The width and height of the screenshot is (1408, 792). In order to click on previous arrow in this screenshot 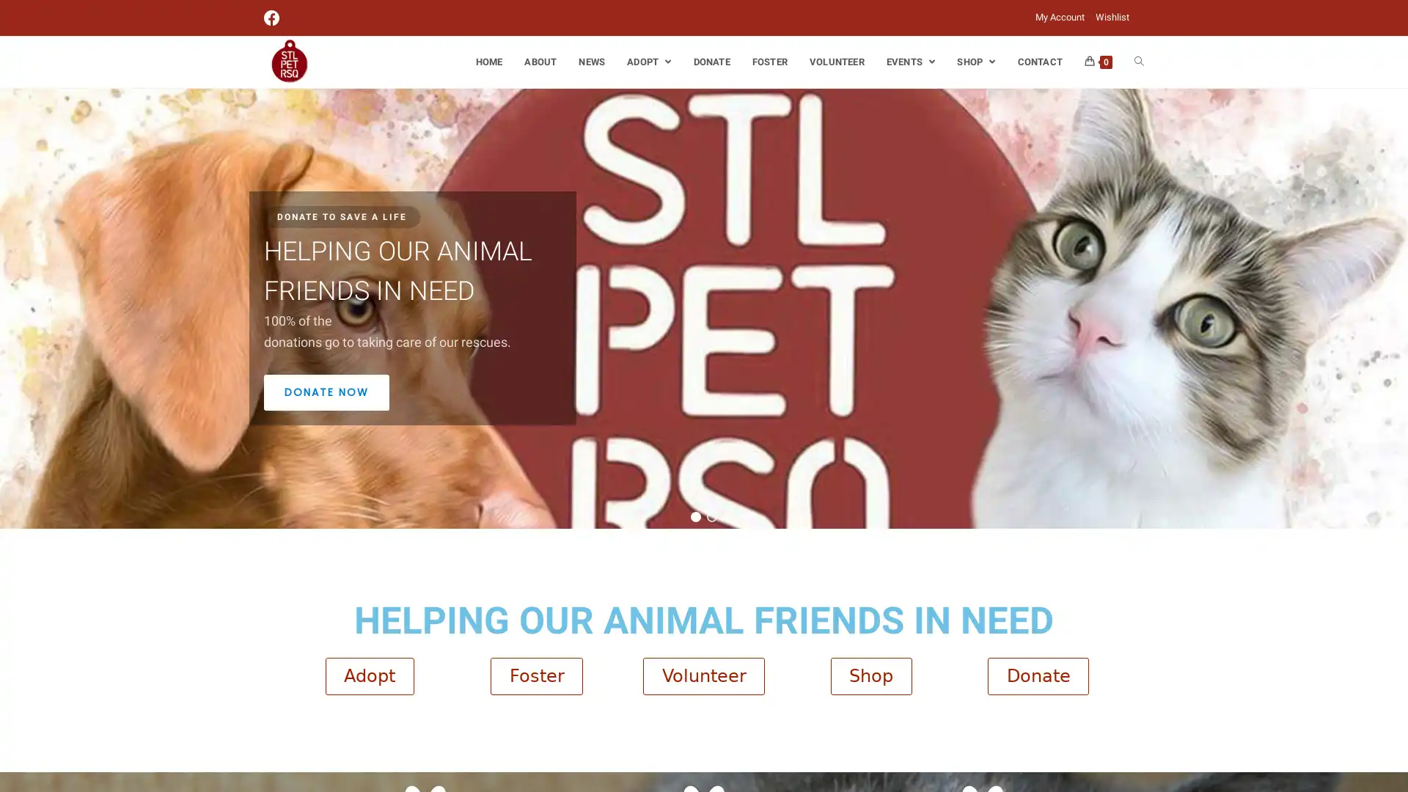, I will do `click(15, 307)`.